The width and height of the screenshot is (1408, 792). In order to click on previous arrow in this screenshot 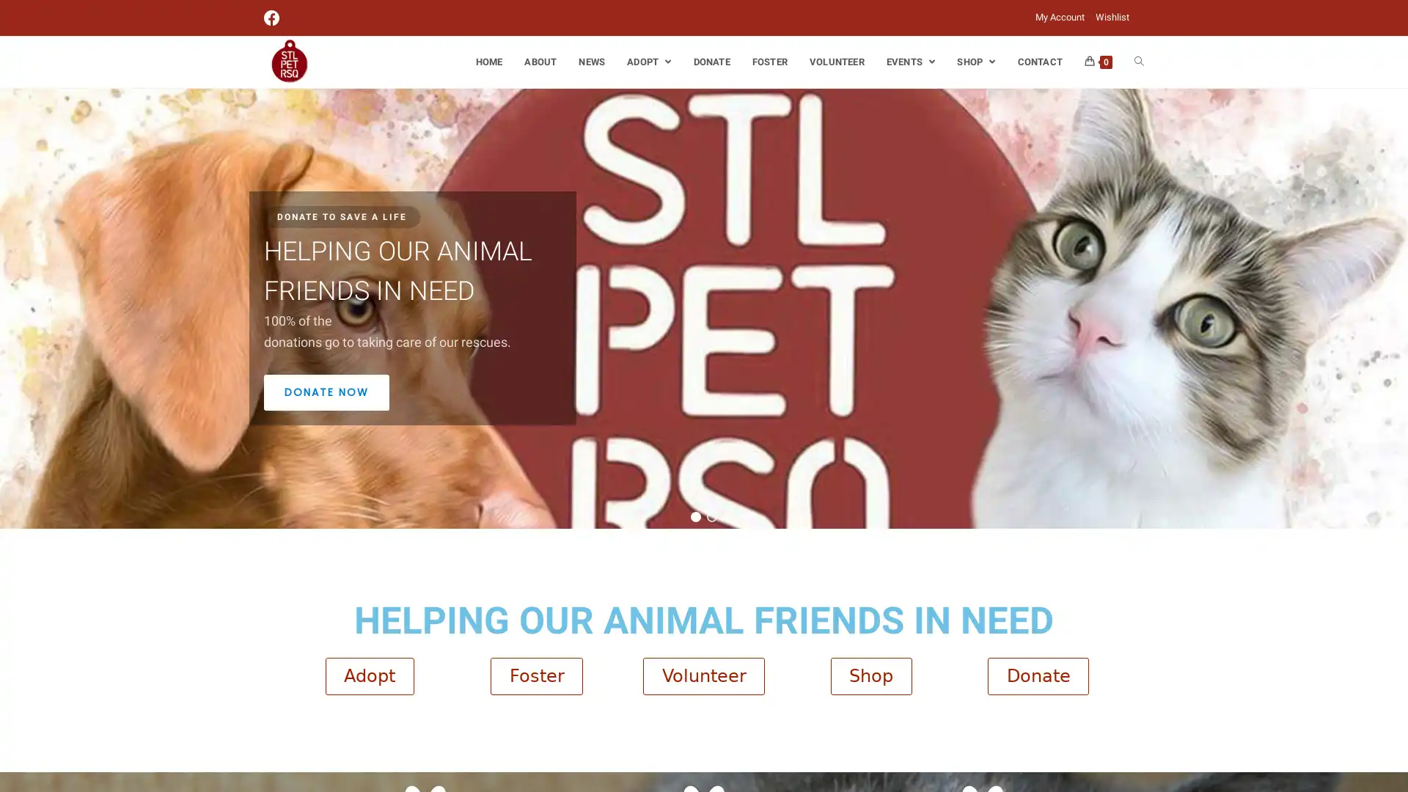, I will do `click(15, 307)`.